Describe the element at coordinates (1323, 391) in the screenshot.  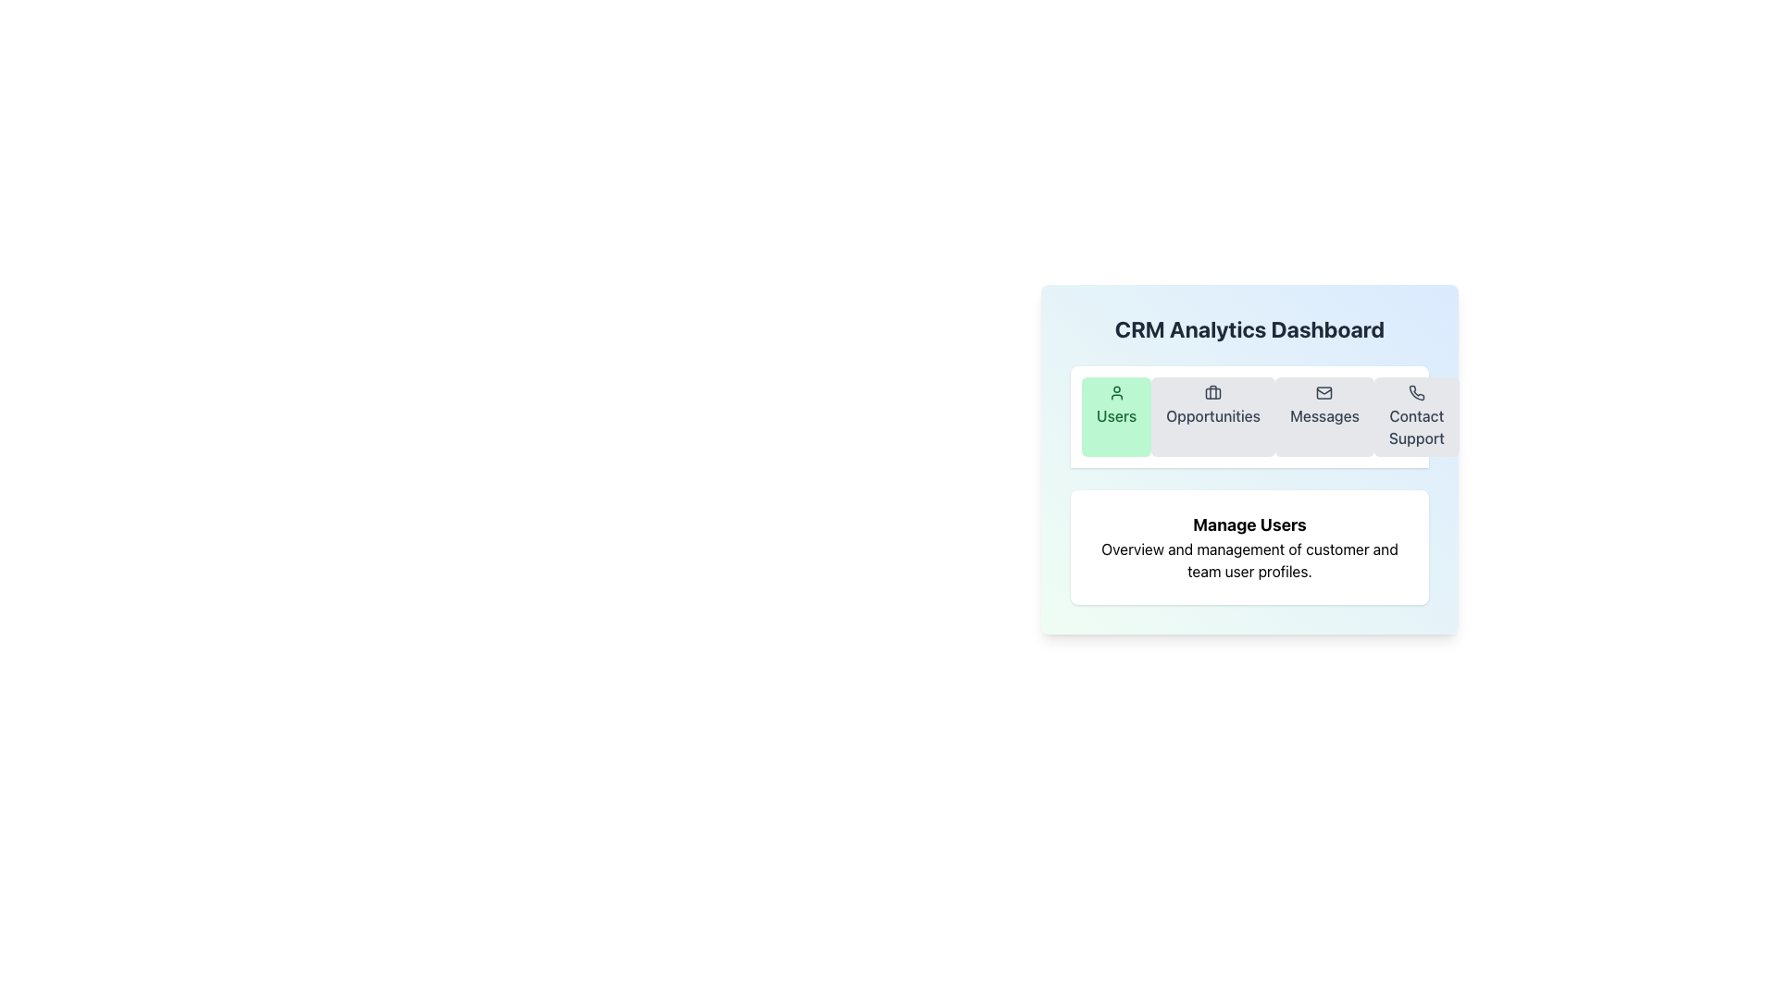
I see `the envelope icon representing 'Messages' in the top-central horizontal navigation menu` at that location.